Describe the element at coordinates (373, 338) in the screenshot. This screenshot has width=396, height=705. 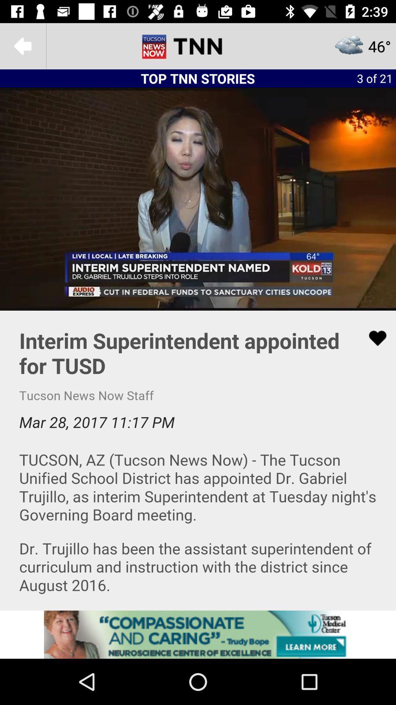
I see `indicate like` at that location.